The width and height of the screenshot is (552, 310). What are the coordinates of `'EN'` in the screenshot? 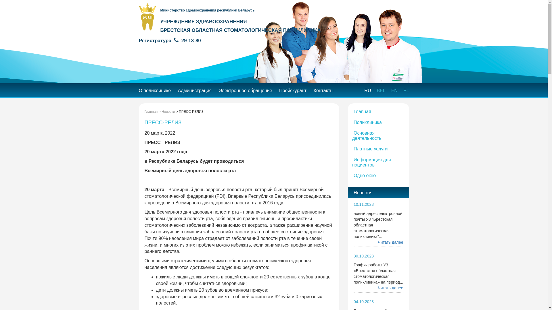 It's located at (394, 90).